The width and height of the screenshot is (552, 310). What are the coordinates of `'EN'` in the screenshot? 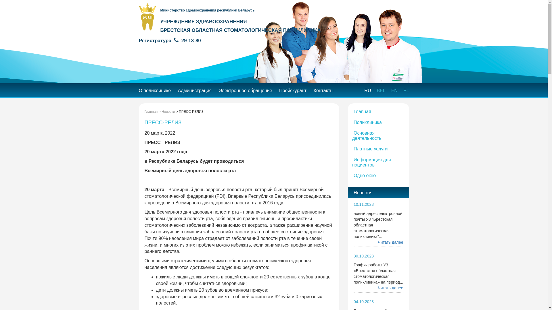 It's located at (394, 90).